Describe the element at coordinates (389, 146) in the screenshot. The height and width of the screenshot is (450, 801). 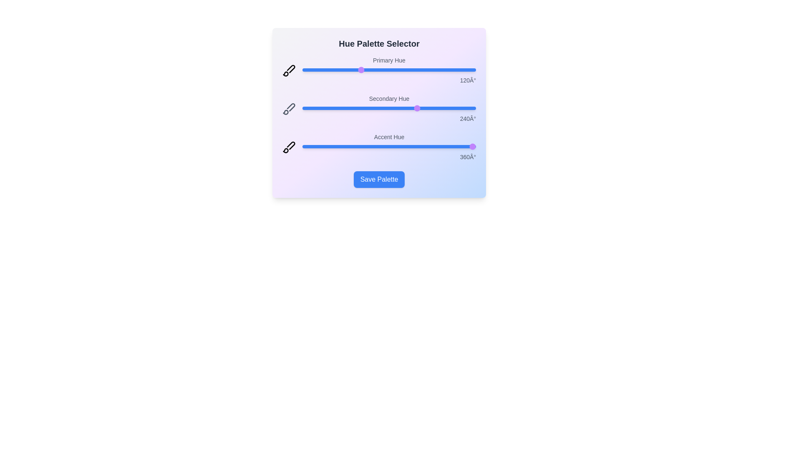
I see `the 'Accent Hue' slider to 181 degrees` at that location.